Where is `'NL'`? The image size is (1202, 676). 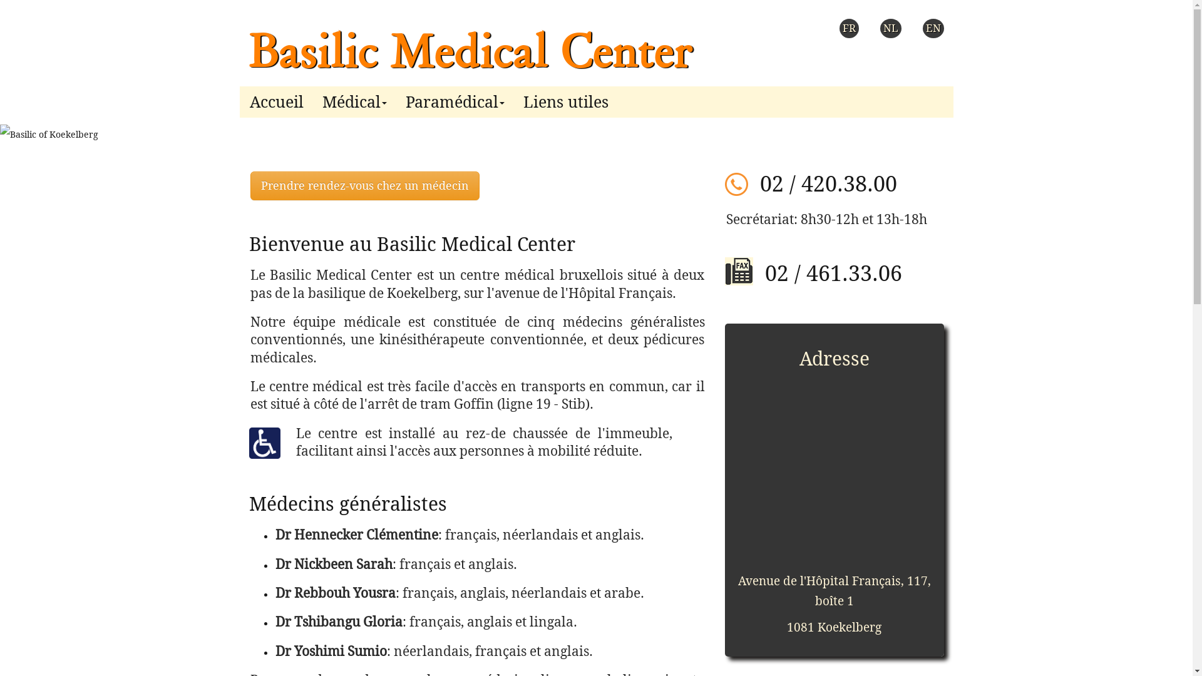
'NL' is located at coordinates (890, 28).